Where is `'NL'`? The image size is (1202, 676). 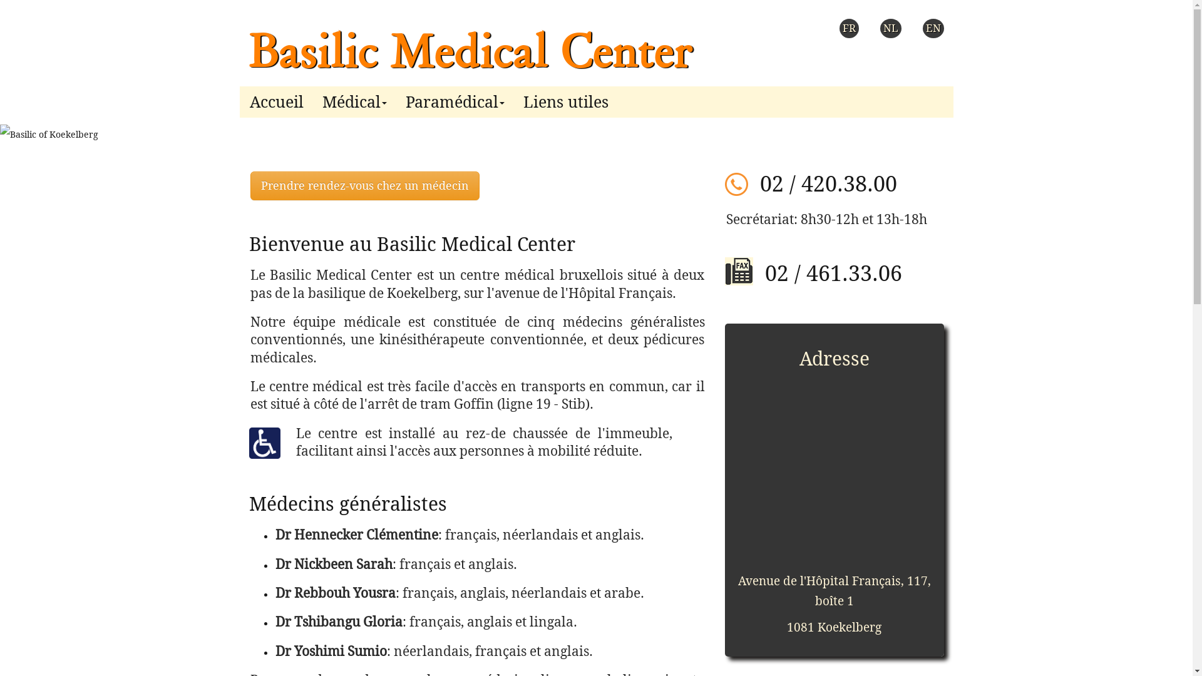
'NL' is located at coordinates (890, 28).